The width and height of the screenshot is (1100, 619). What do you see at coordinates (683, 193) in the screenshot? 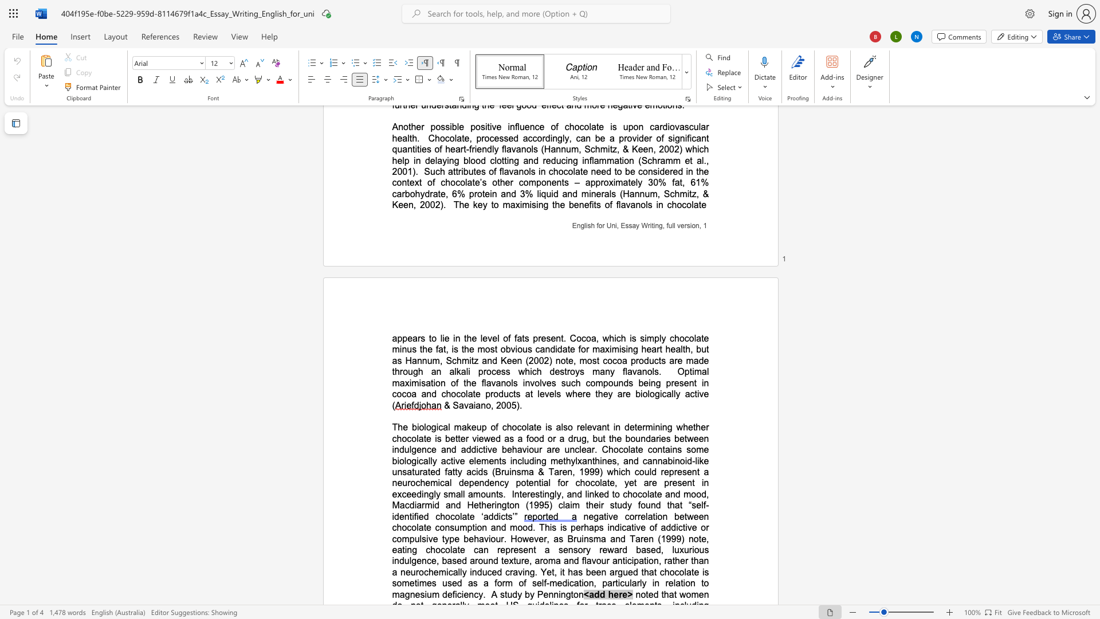
I see `the 1th character "m" in the text` at bounding box center [683, 193].